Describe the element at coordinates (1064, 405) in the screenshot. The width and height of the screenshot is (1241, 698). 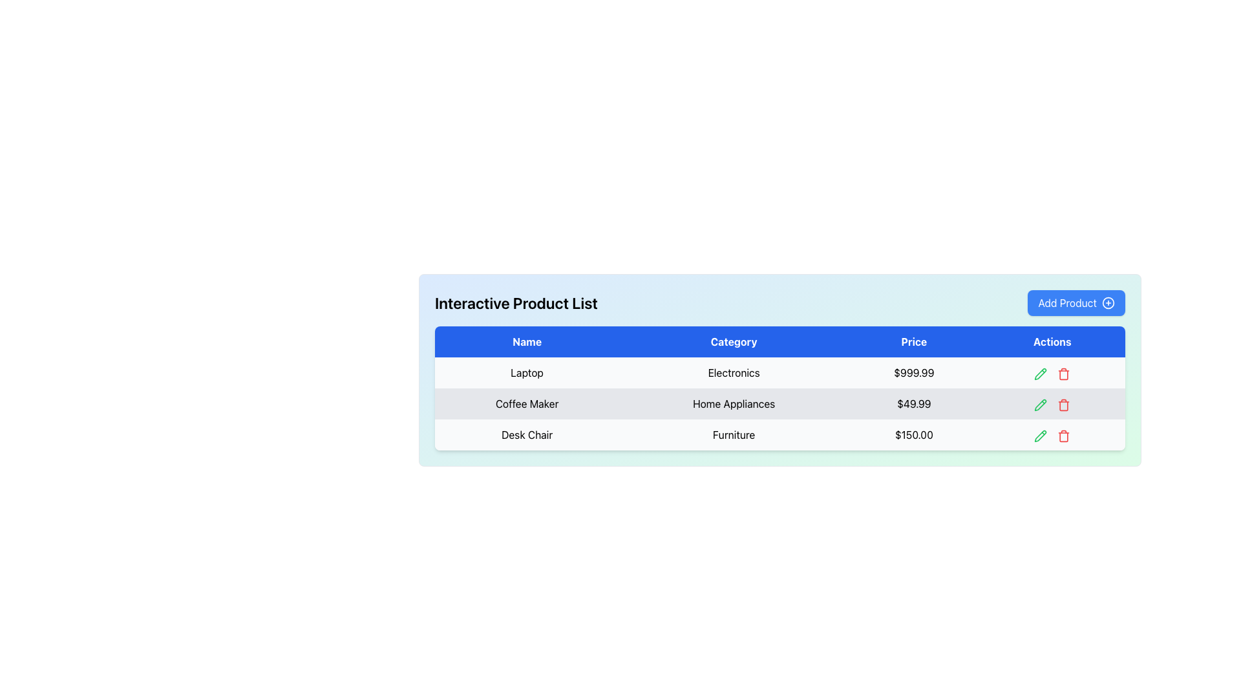
I see `the trash can icon` at that location.